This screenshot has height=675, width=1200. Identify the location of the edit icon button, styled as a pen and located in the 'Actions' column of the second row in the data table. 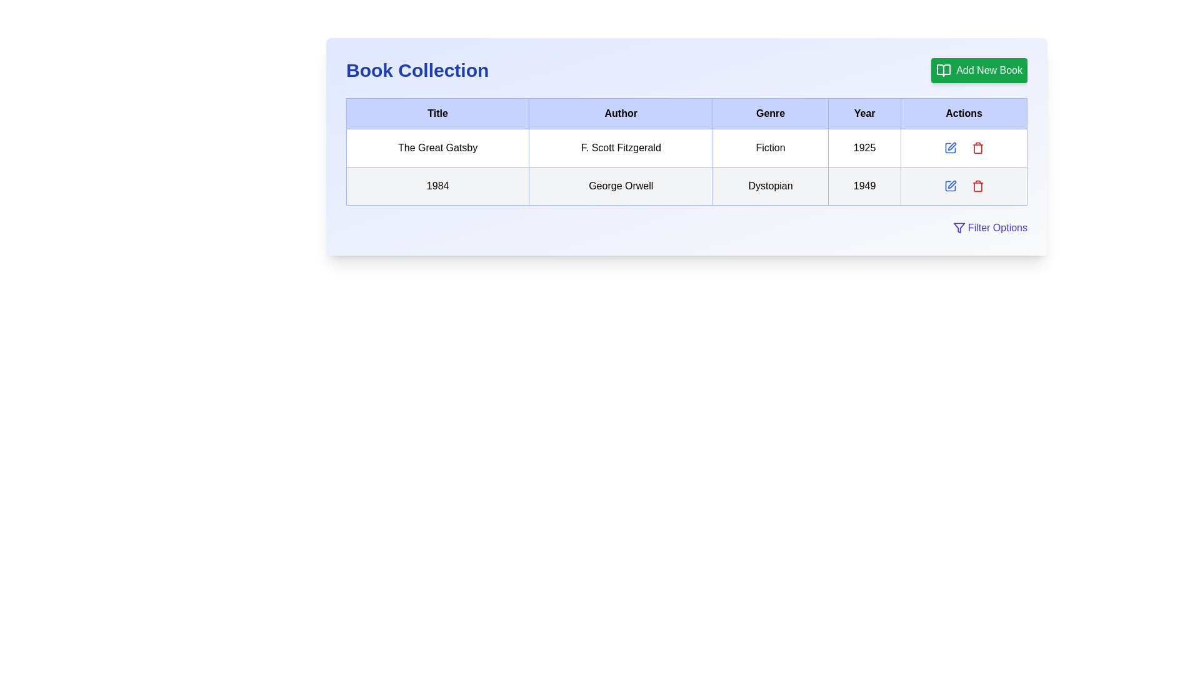
(950, 186).